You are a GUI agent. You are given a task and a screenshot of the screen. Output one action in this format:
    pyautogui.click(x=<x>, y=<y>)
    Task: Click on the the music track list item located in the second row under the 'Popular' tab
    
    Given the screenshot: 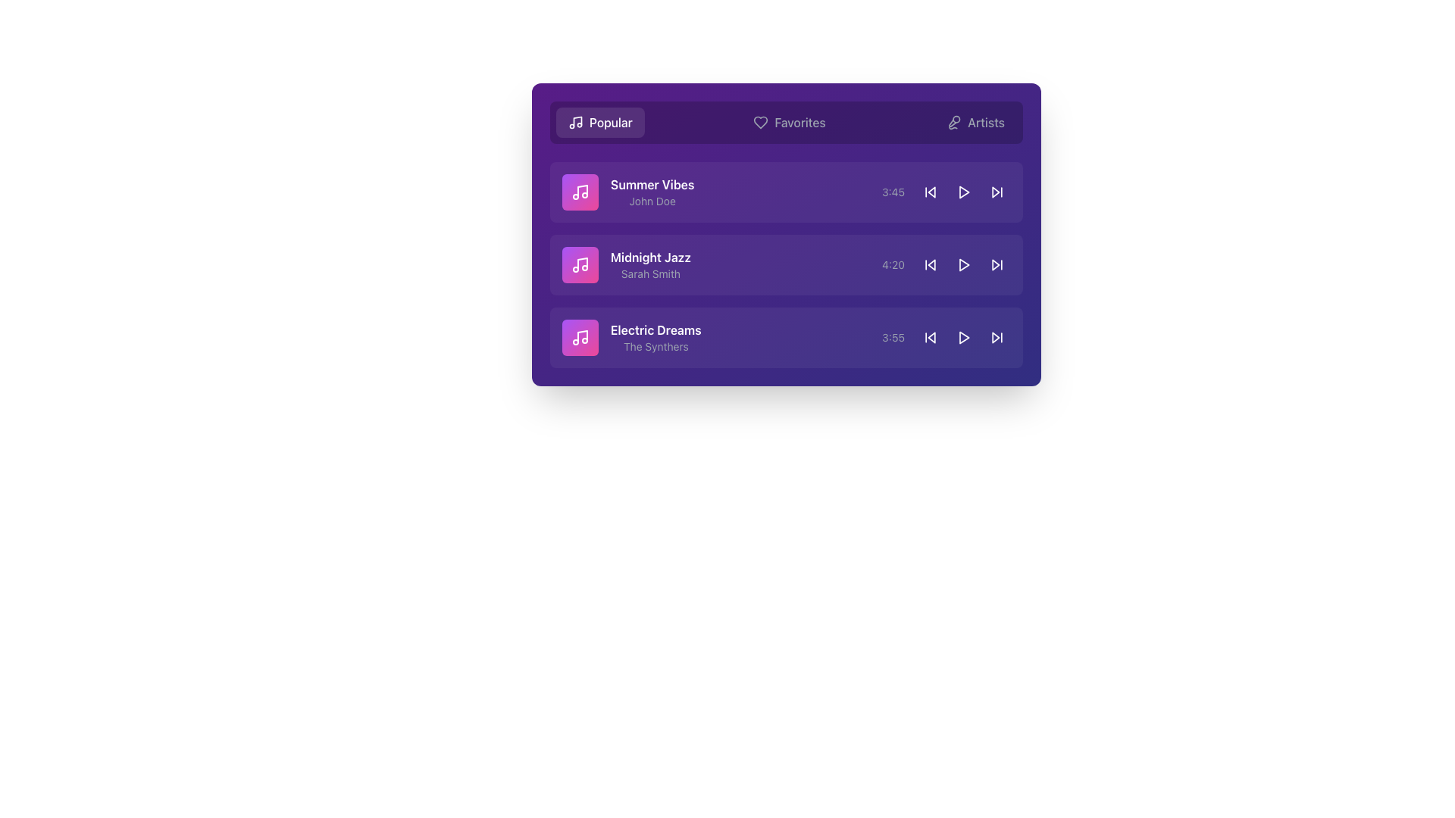 What is the action you would take?
    pyautogui.click(x=786, y=264)
    